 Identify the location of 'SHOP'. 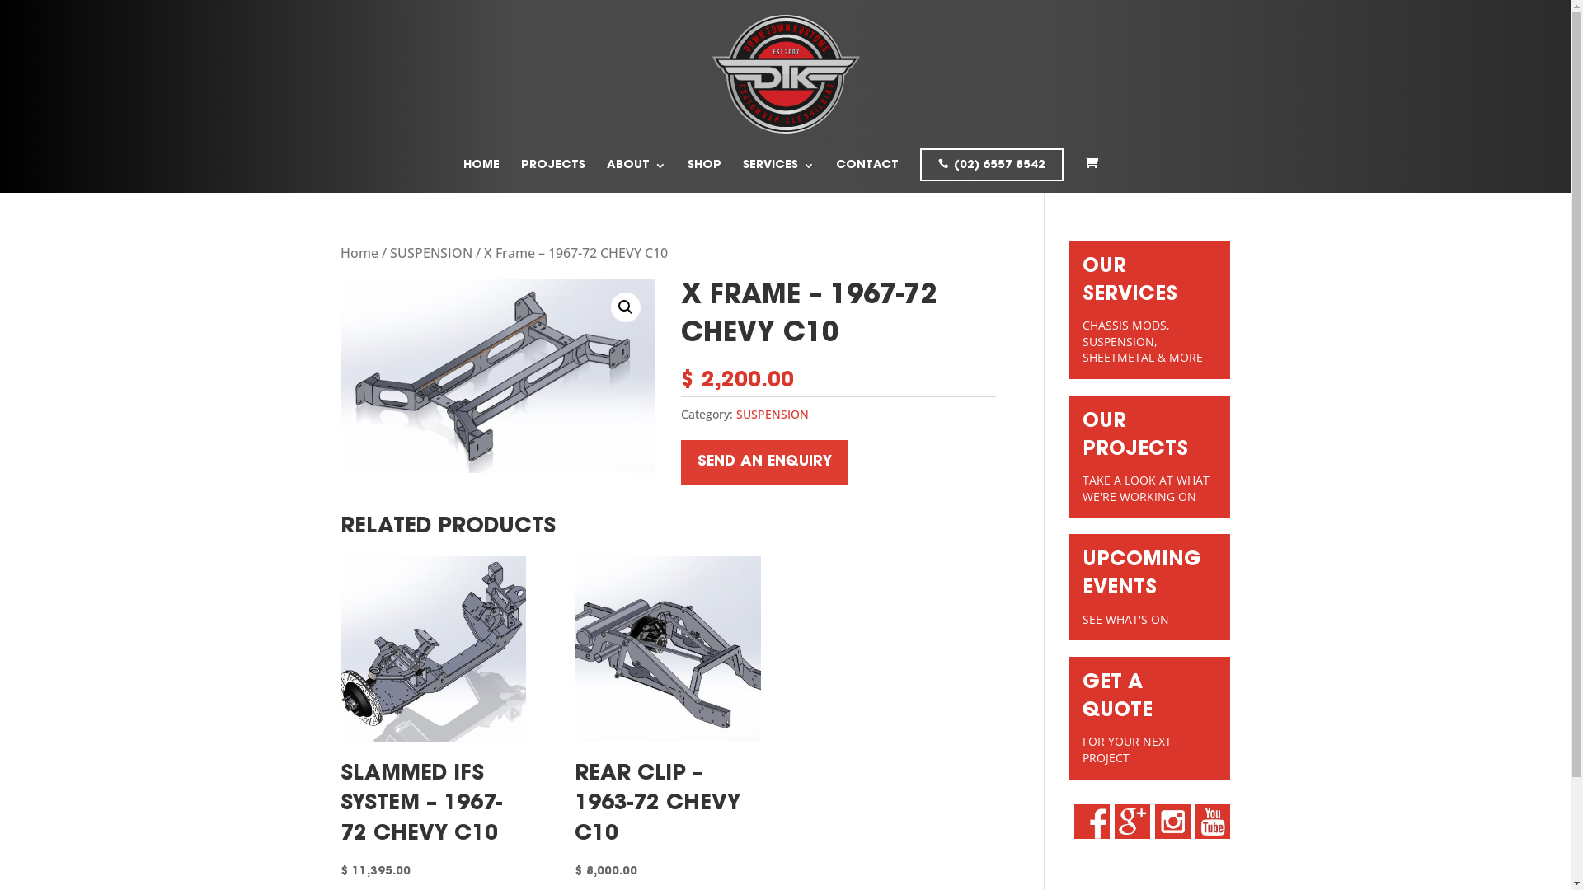
(688, 171).